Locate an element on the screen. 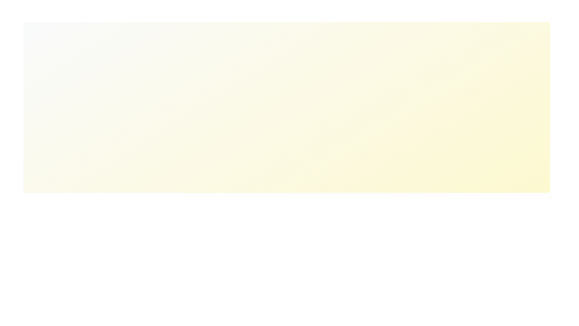  the background to interact with the layout is located at coordinates (286, 103).